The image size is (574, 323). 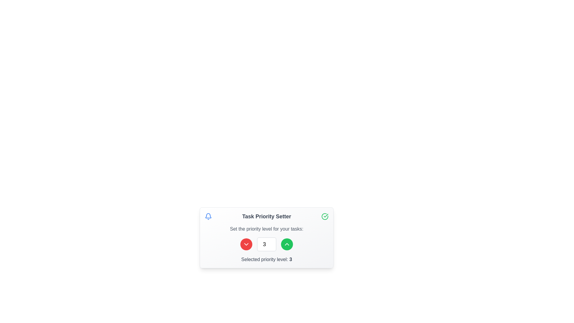 What do you see at coordinates (291, 259) in the screenshot?
I see `text content of the element displaying the selected priority level, which is the numeric value in the label 'Selected priority level: 3'` at bounding box center [291, 259].